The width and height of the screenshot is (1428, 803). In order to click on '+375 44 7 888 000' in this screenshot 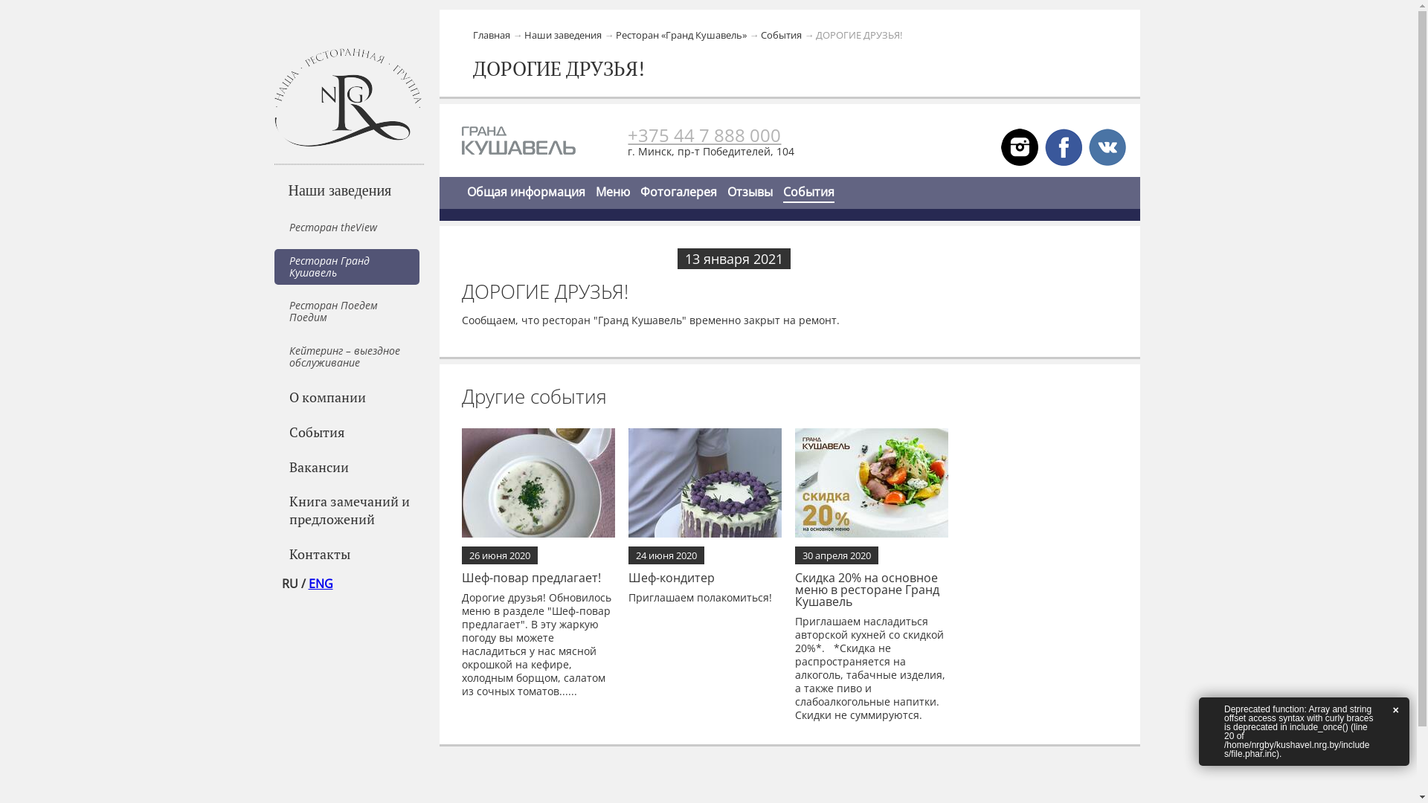, I will do `click(703, 135)`.